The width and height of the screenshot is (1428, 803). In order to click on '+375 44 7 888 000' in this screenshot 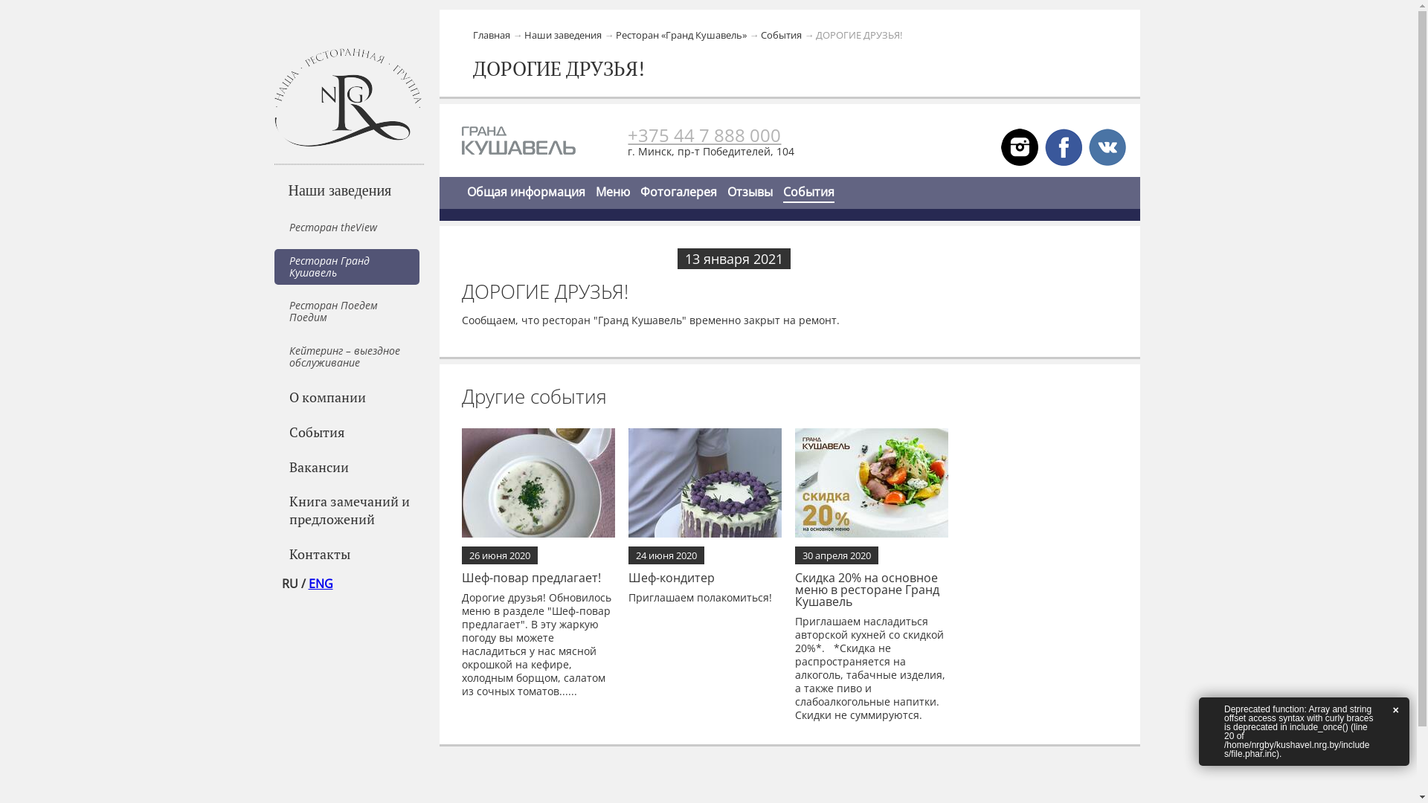, I will do `click(703, 135)`.